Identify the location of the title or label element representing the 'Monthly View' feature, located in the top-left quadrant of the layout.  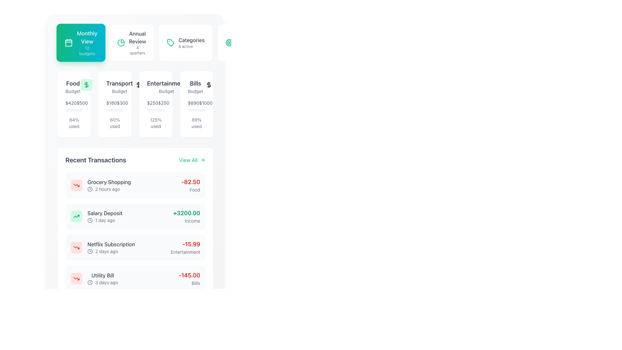
(86, 37).